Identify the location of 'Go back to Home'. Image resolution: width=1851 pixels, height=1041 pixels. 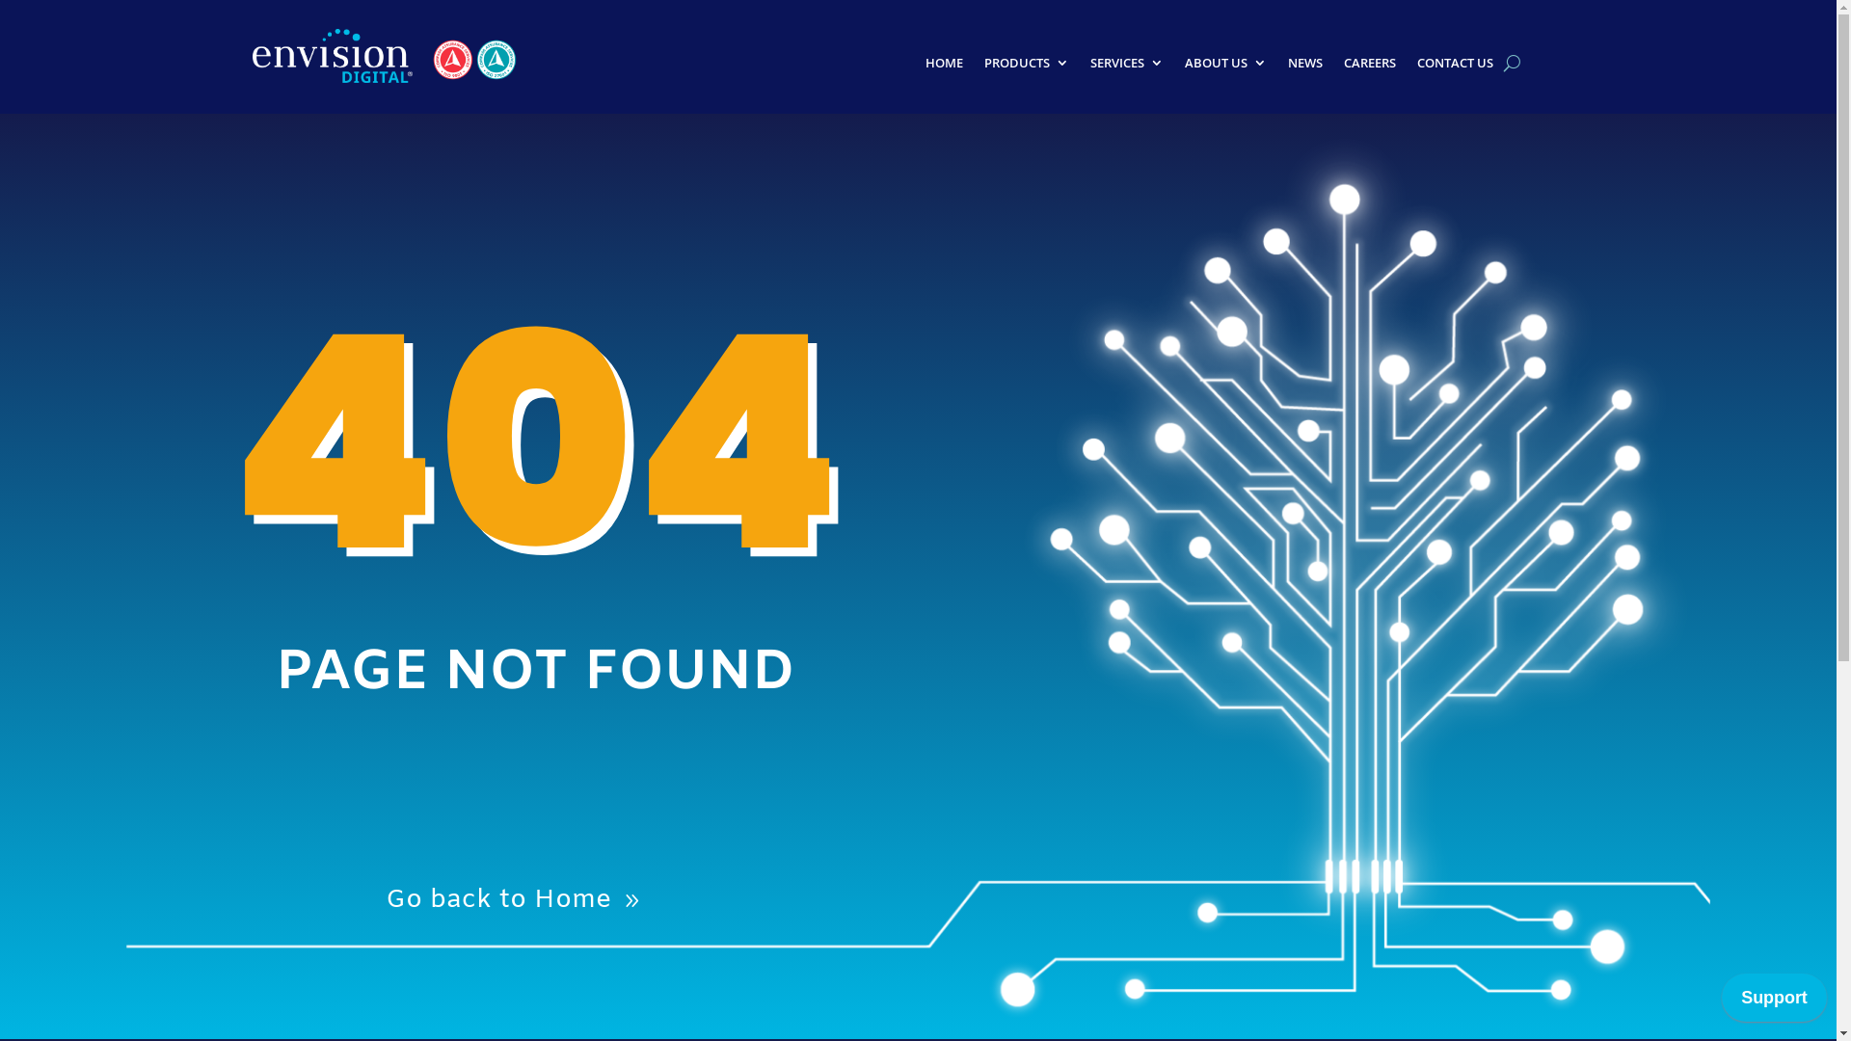
(366, 899).